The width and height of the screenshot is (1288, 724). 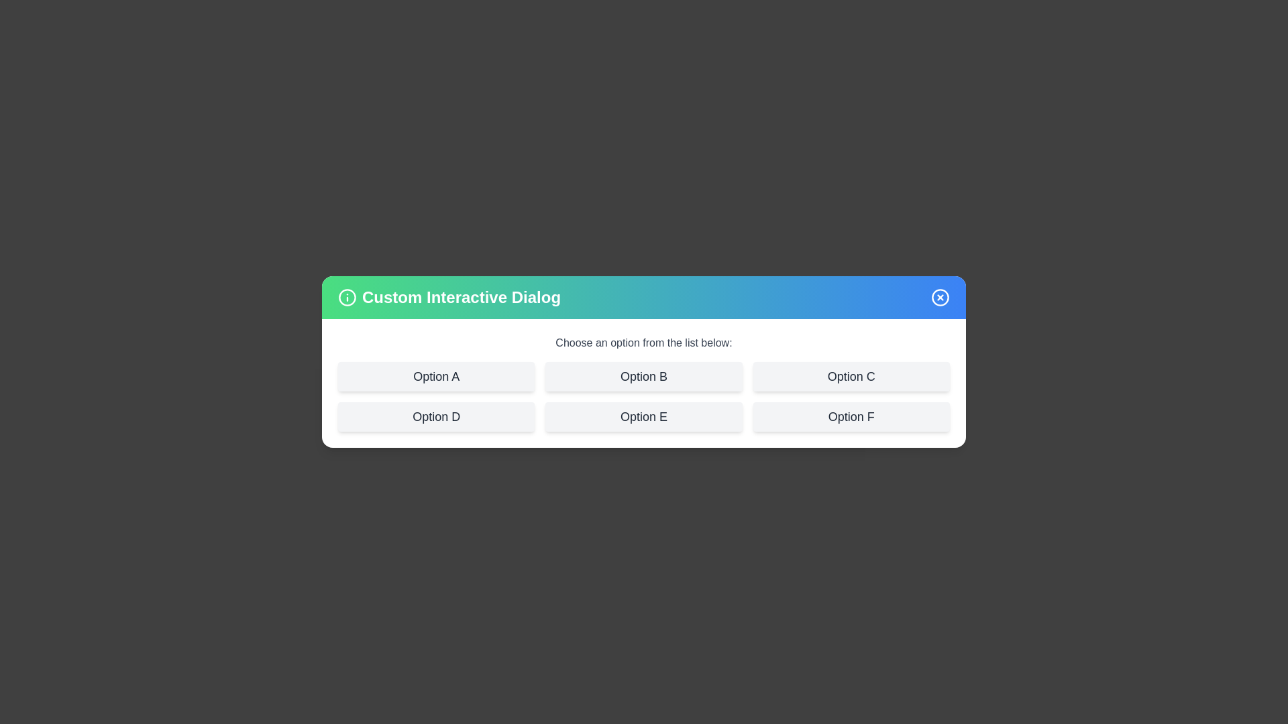 I want to click on the option labeled Option A to see its hover effect, so click(x=436, y=377).